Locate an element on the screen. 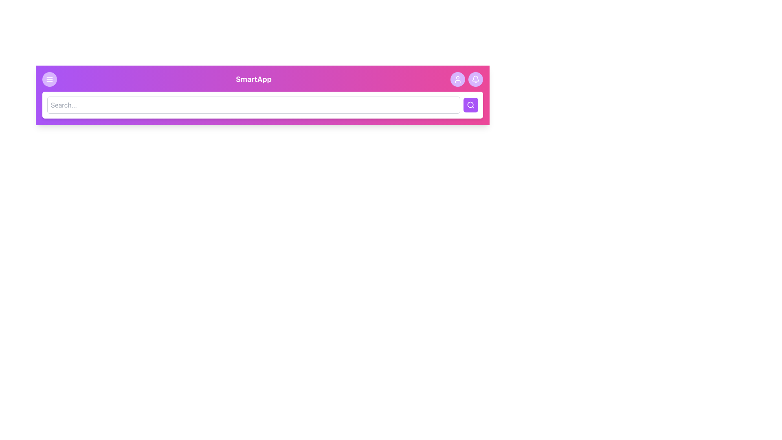 The height and width of the screenshot is (440, 782). the circular button with a purple background and a white bell icon in the center is located at coordinates (475, 79).